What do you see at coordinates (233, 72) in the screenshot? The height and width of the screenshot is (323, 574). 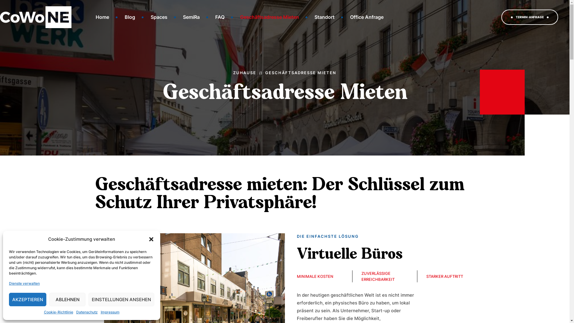 I see `'ZUHAUSE'` at bounding box center [233, 72].